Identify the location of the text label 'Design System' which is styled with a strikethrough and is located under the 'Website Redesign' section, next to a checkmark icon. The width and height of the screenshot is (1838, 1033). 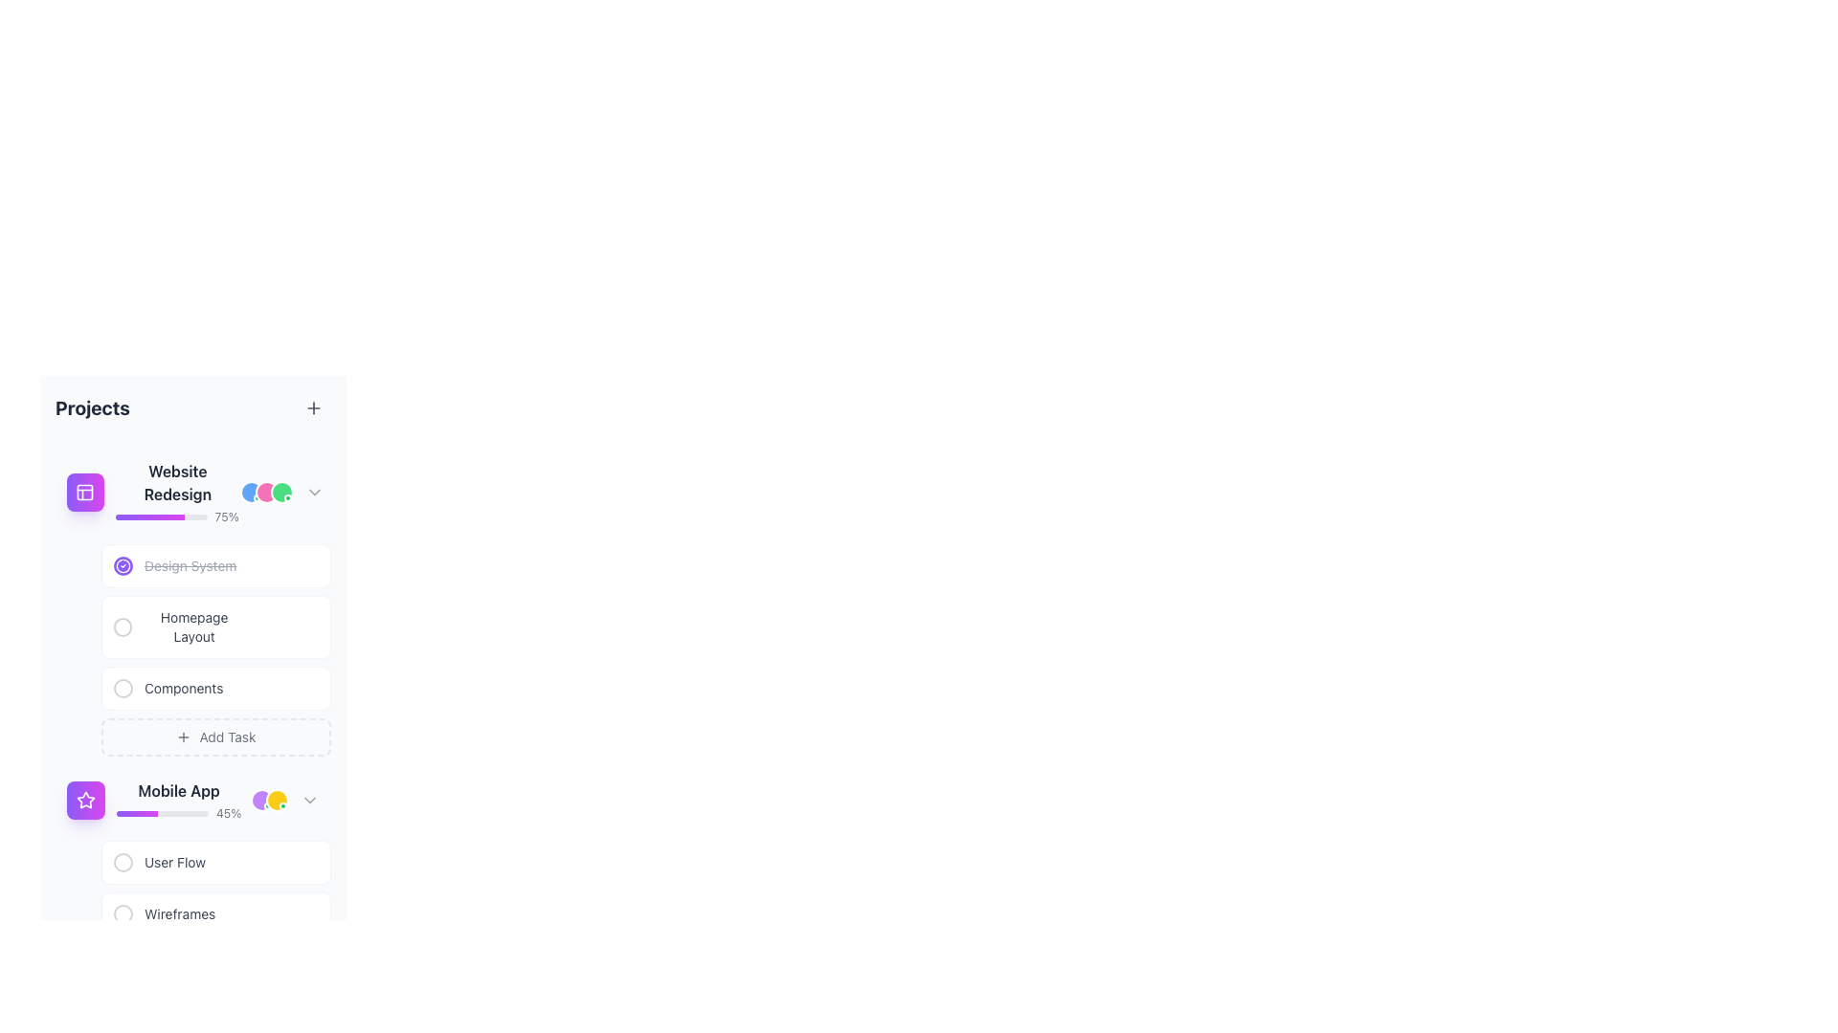
(191, 564).